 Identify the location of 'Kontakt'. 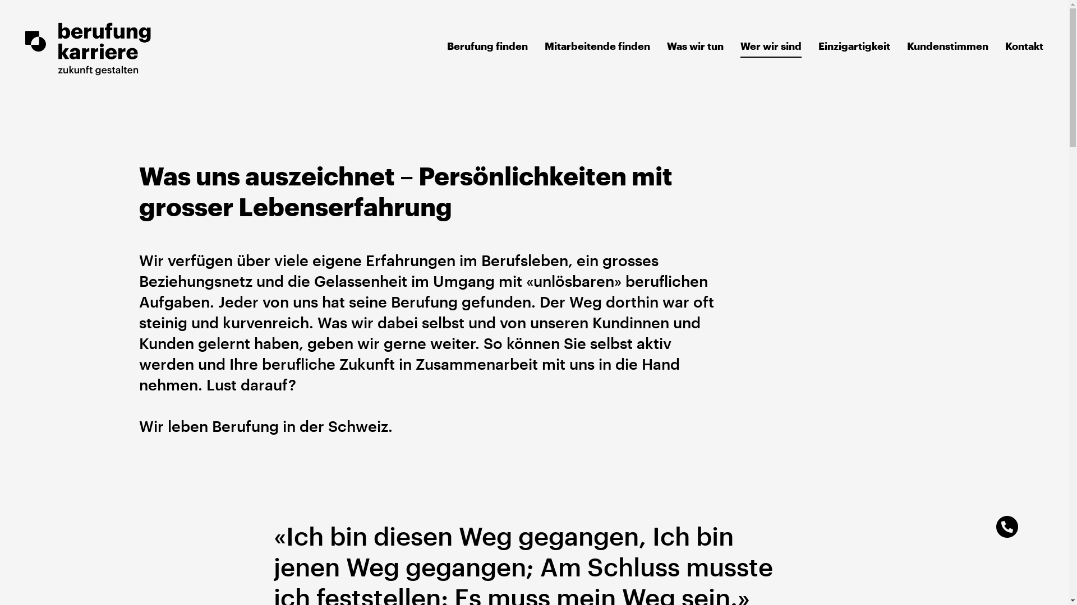
(1024, 45).